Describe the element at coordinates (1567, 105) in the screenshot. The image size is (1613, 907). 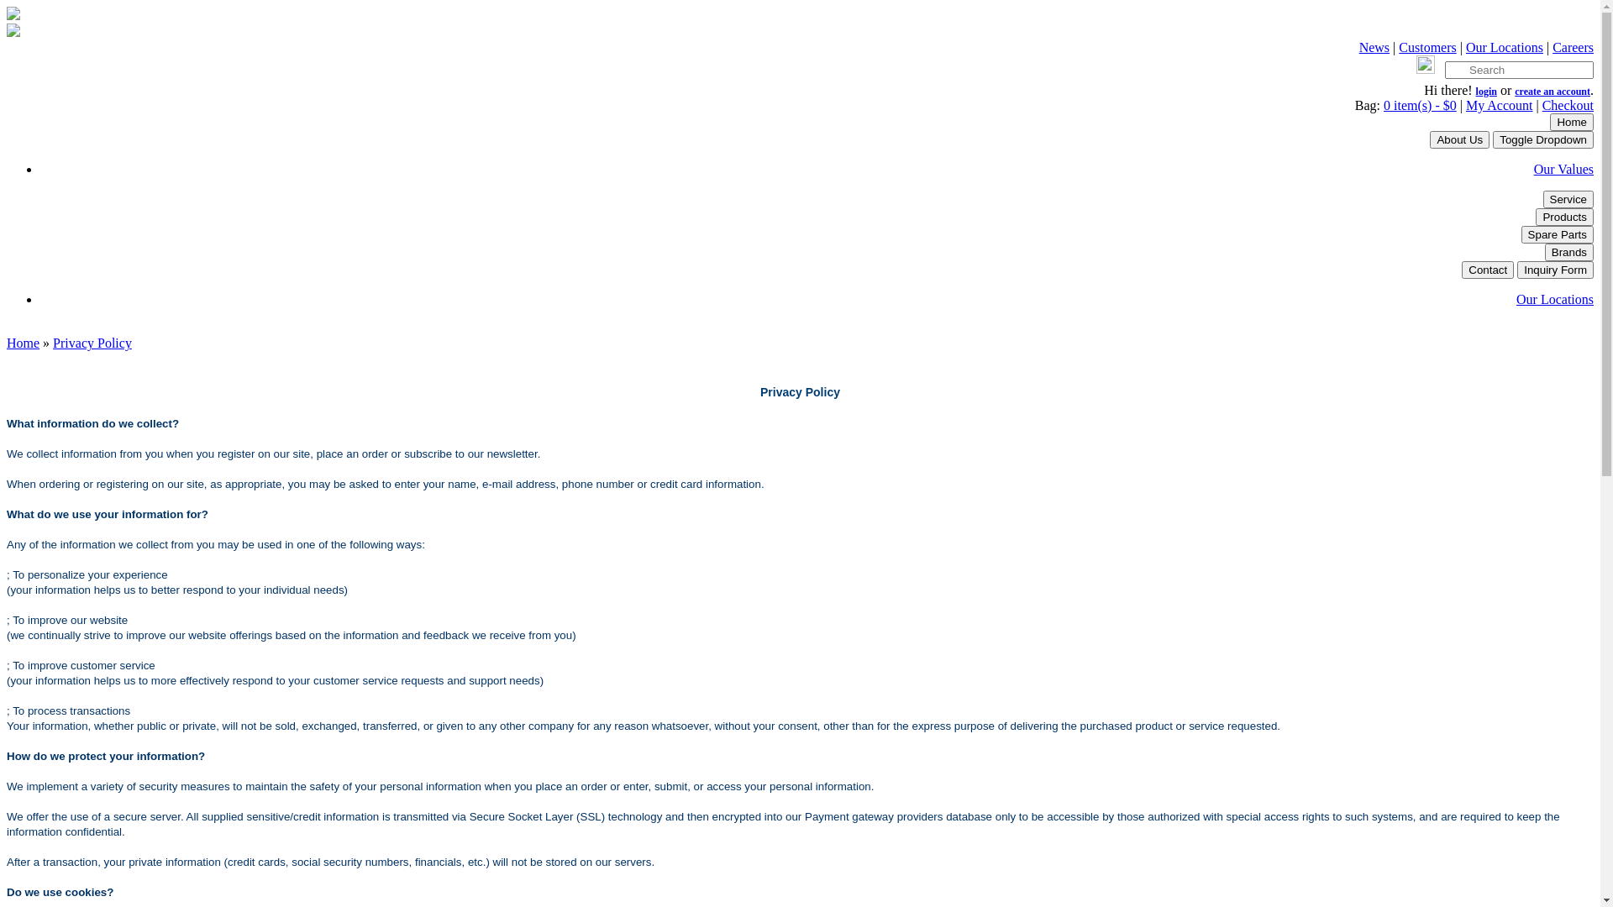
I see `'Checkout'` at that location.